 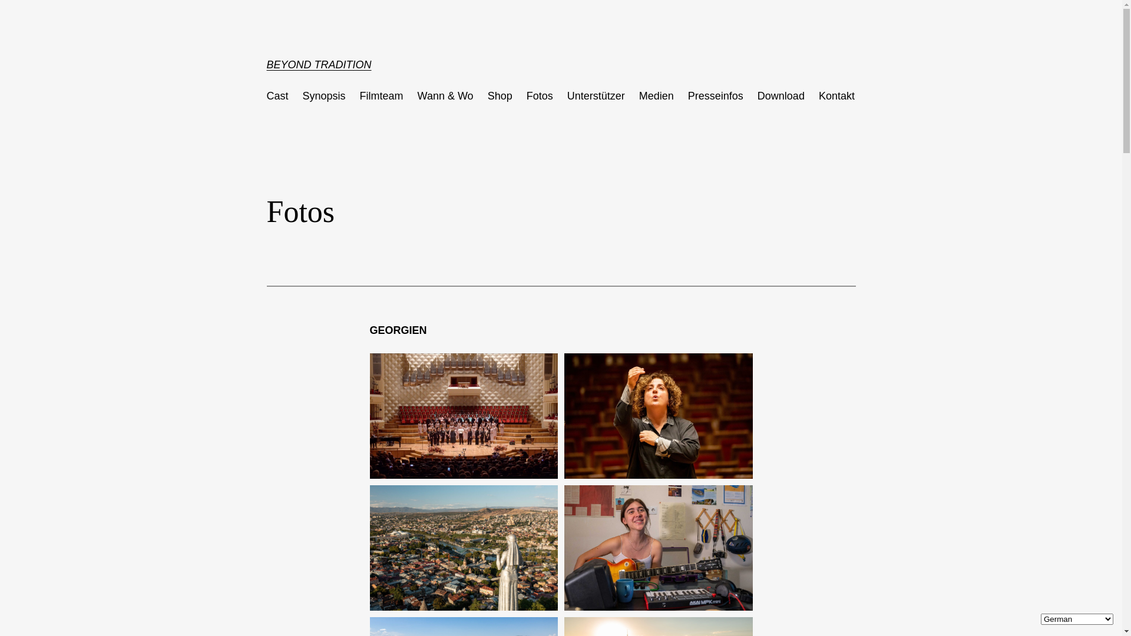 What do you see at coordinates (781, 95) in the screenshot?
I see `'Download'` at bounding box center [781, 95].